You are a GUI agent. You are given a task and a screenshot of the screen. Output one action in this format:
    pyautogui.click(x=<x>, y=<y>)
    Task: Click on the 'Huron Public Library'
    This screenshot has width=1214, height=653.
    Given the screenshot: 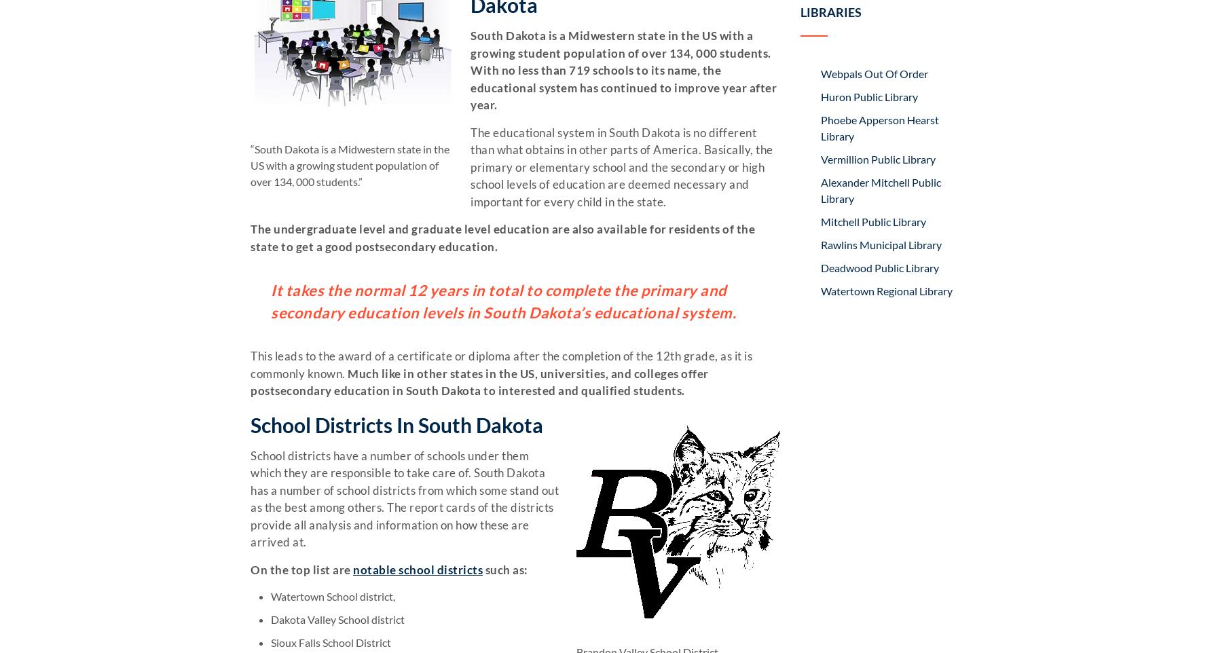 What is the action you would take?
    pyautogui.click(x=820, y=95)
    